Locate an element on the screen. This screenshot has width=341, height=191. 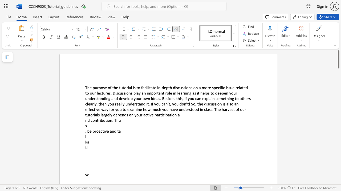
the scrollbar to scroll the page down is located at coordinates (338, 119).